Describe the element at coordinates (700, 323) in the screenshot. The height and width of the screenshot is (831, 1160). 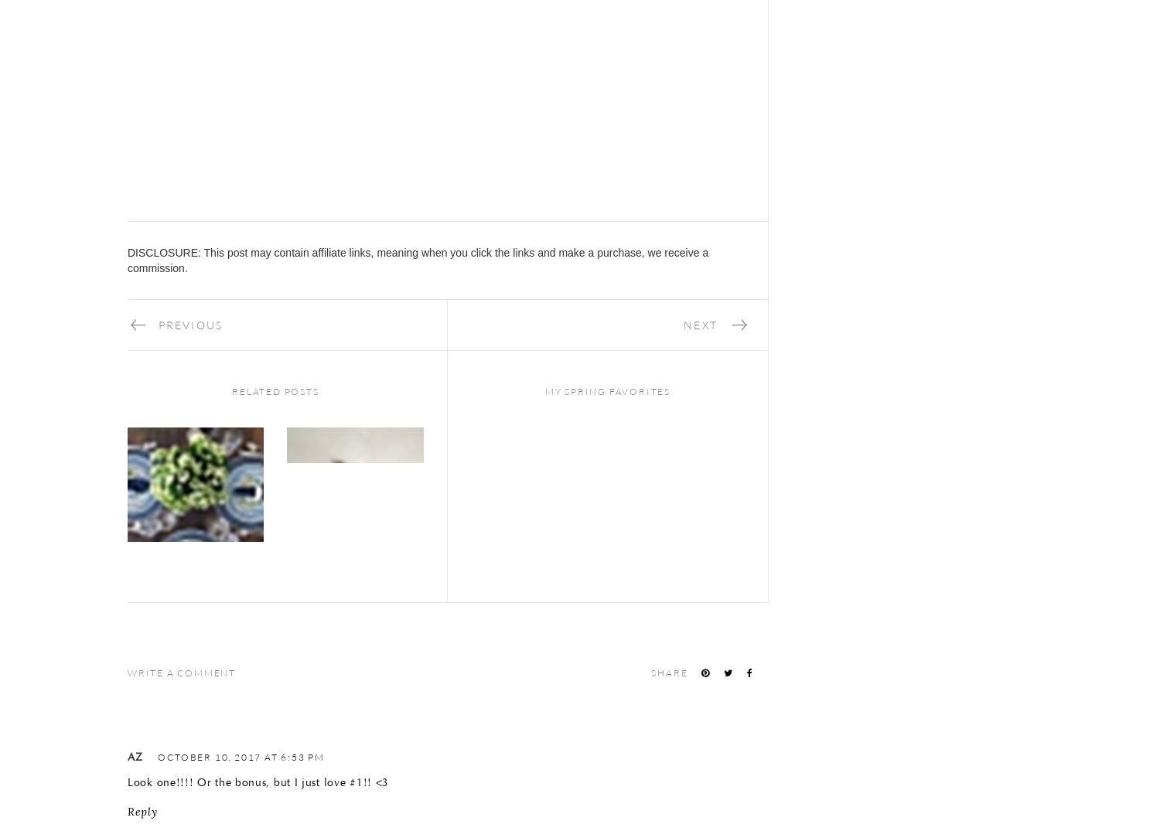
I see `'next'` at that location.